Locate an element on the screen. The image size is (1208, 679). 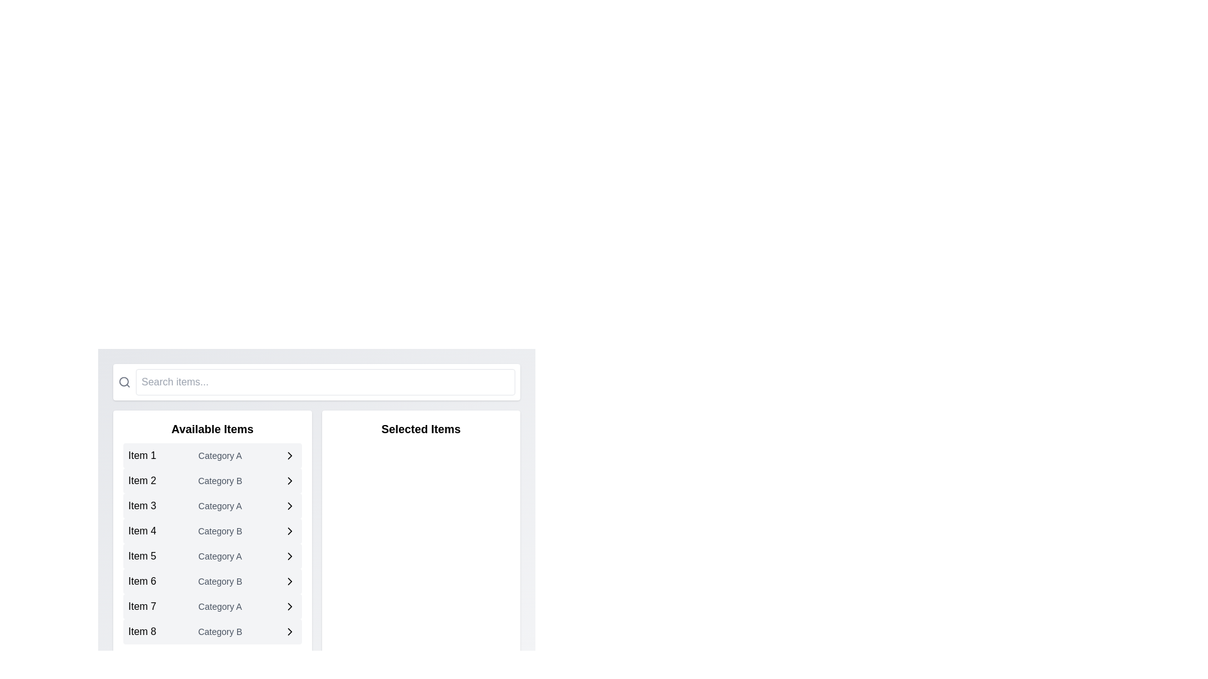
the chevron icon located at the far right of the 'Item 6' list entry is located at coordinates (289, 582).